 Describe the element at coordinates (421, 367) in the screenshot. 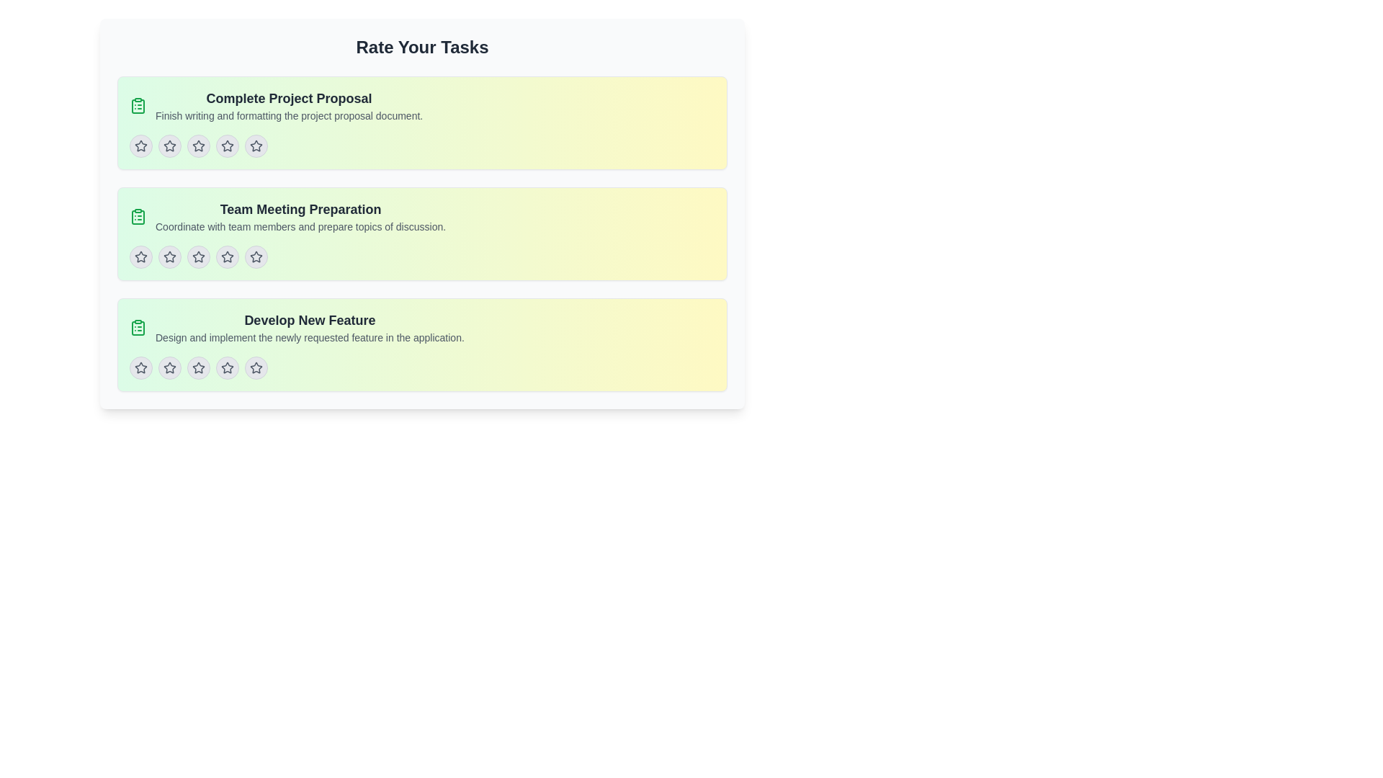

I see `the individual star icons in the Rating component located at the bottom of the 'Develop New Feature' card to rate` at that location.